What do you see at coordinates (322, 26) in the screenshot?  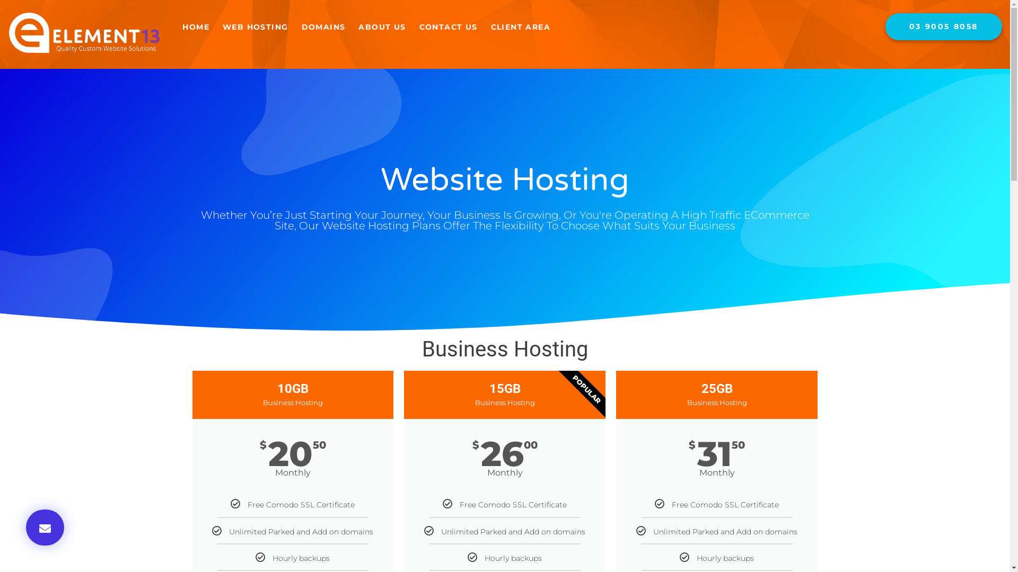 I see `'DOMAINS'` at bounding box center [322, 26].